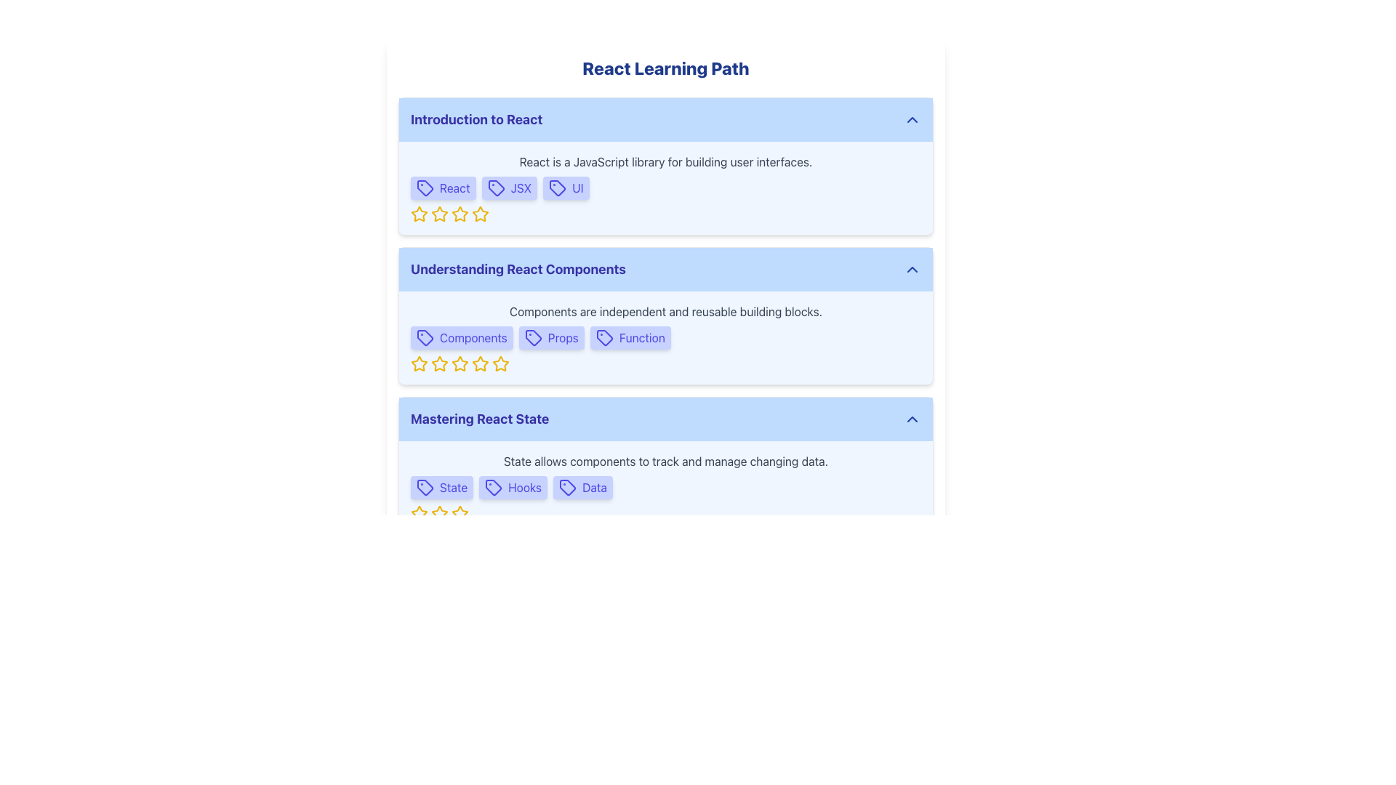  What do you see at coordinates (438, 363) in the screenshot?
I see `the first star icon in the second set of rating stars under the text 'Understanding React Components'` at bounding box center [438, 363].